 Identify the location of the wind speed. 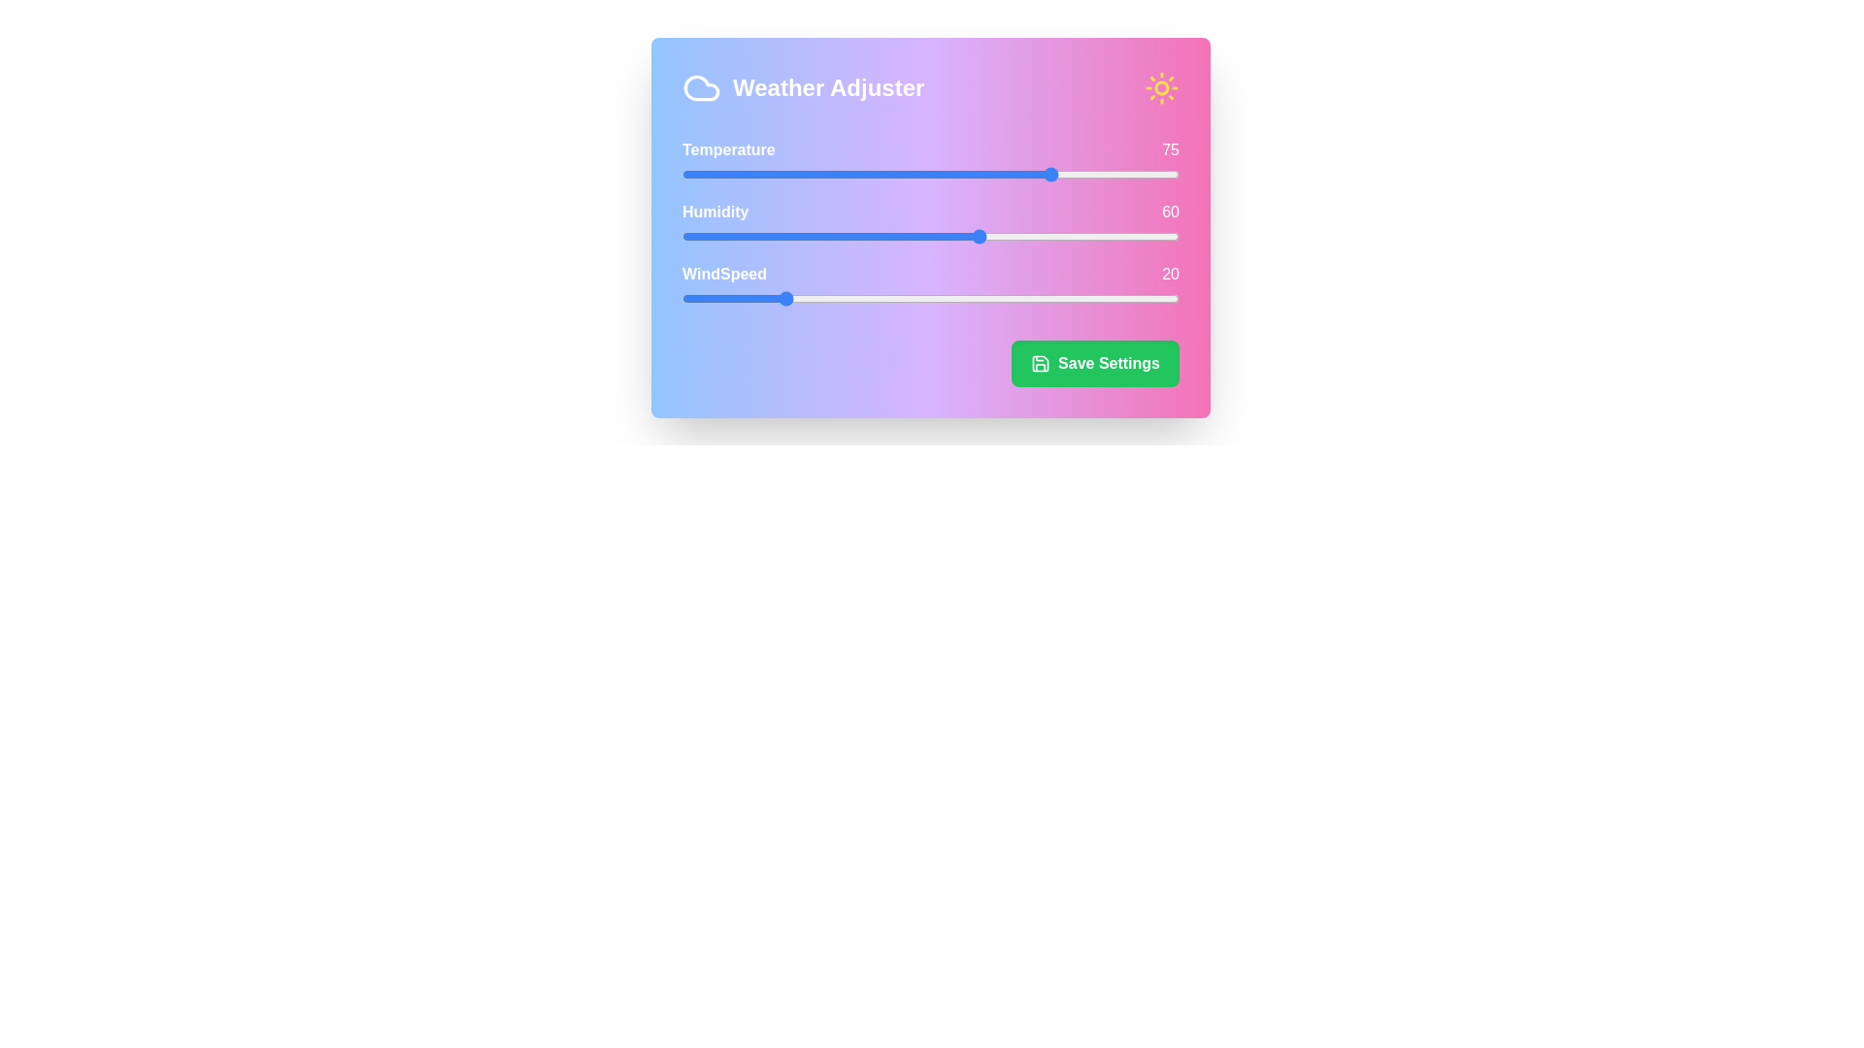
(1015, 299).